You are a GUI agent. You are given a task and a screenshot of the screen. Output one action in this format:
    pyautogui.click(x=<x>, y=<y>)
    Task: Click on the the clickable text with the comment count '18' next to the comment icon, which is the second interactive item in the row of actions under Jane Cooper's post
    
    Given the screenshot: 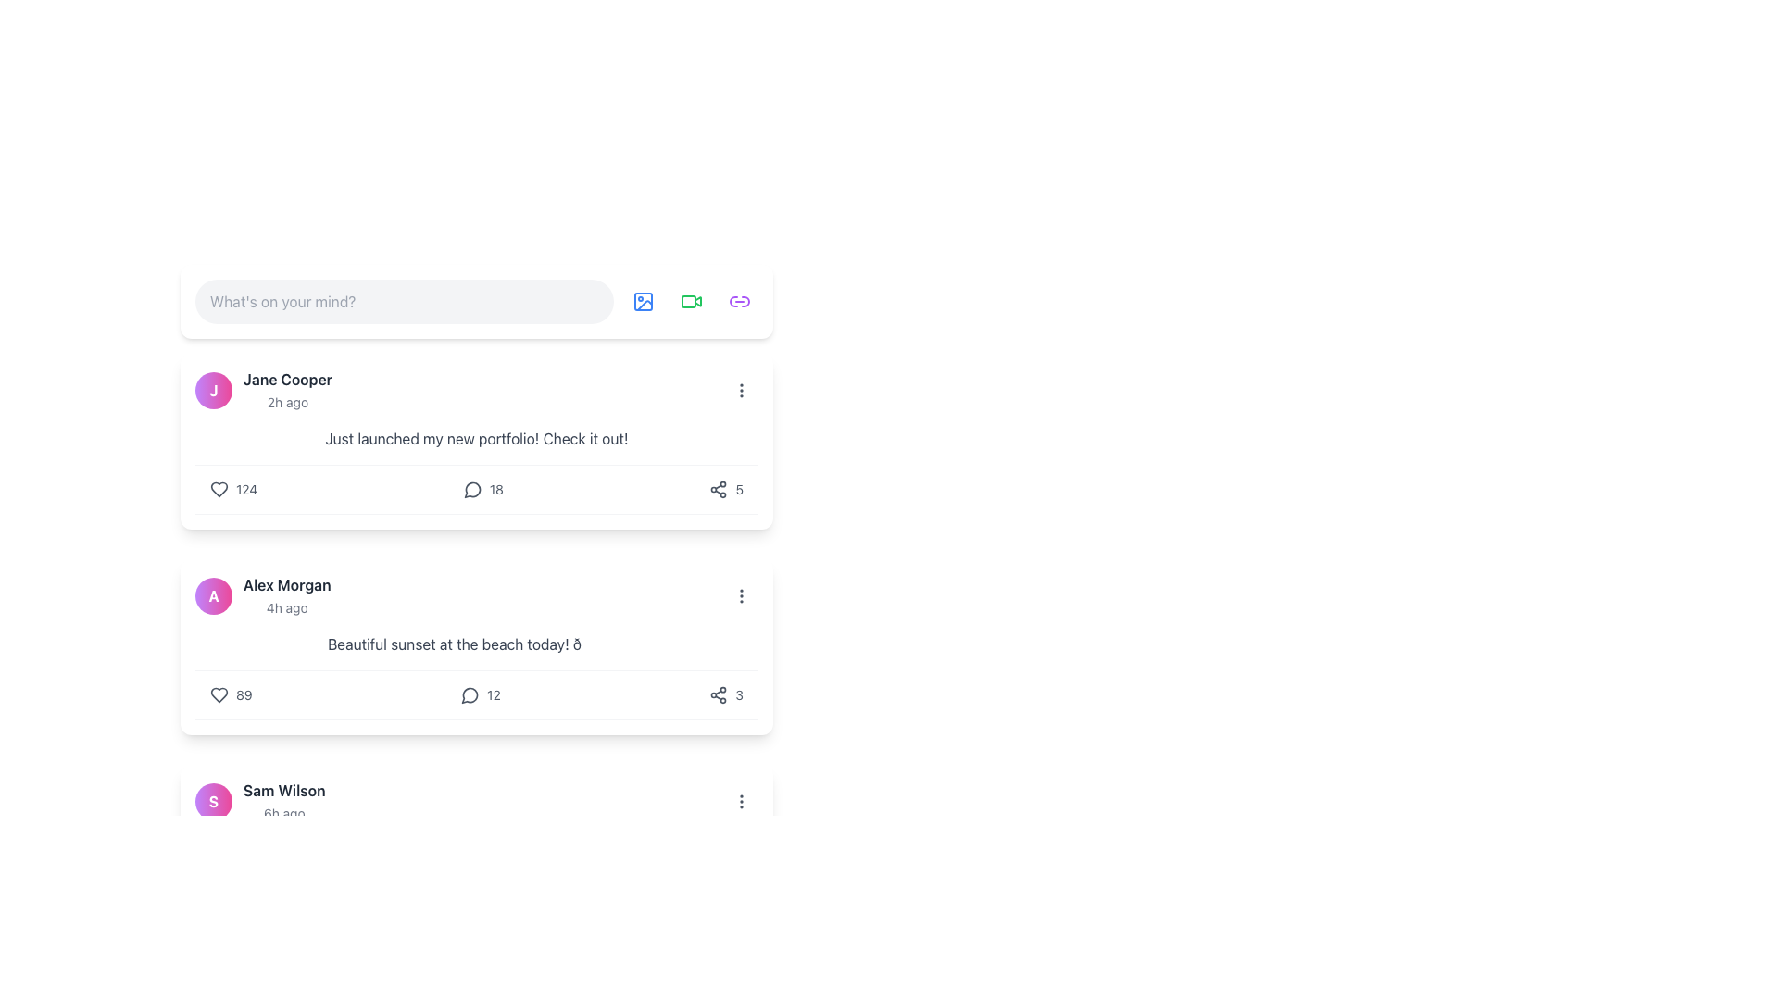 What is the action you would take?
    pyautogui.click(x=476, y=488)
    